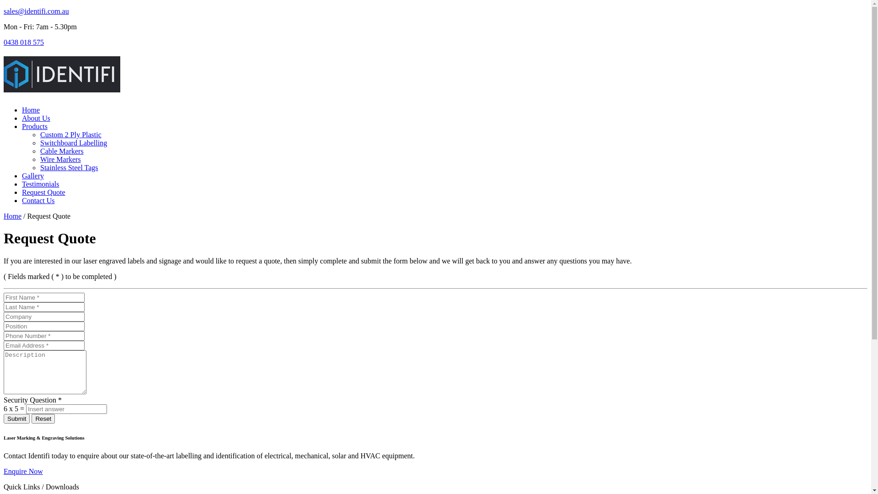 The width and height of the screenshot is (878, 494). Describe the element at coordinates (22, 118) in the screenshot. I see `'About Us'` at that location.